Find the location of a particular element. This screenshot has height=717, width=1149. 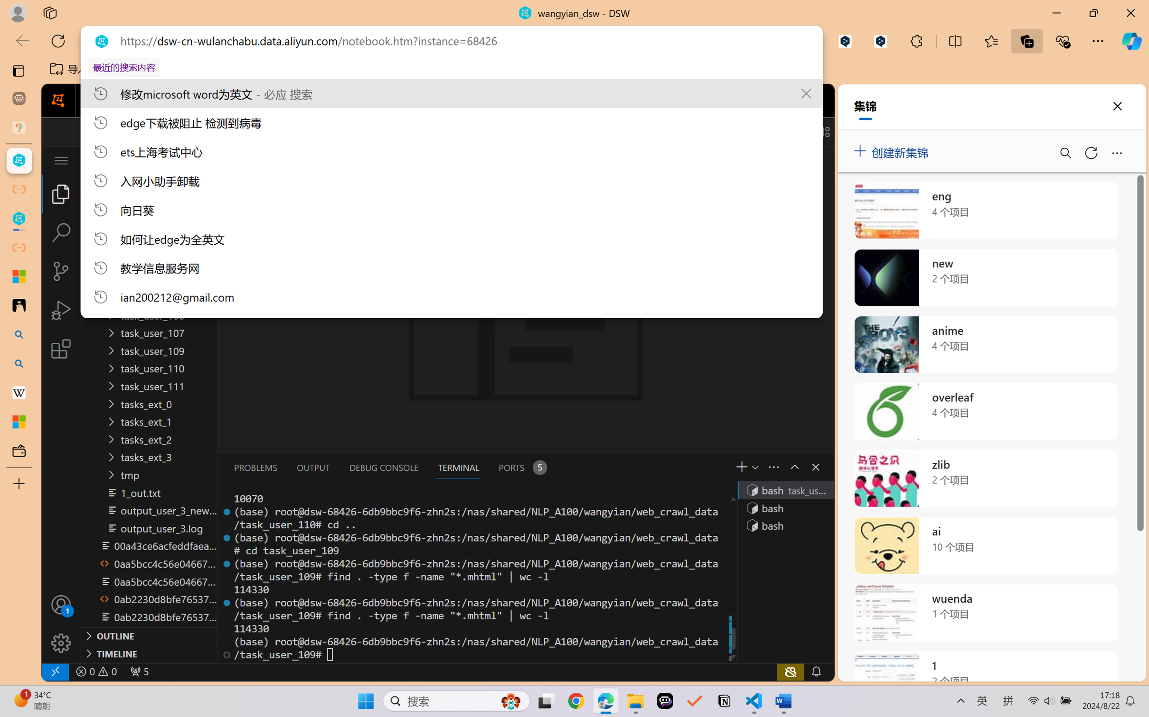

'Class: xterm-decoration-overview-ruler' is located at coordinates (733, 576).